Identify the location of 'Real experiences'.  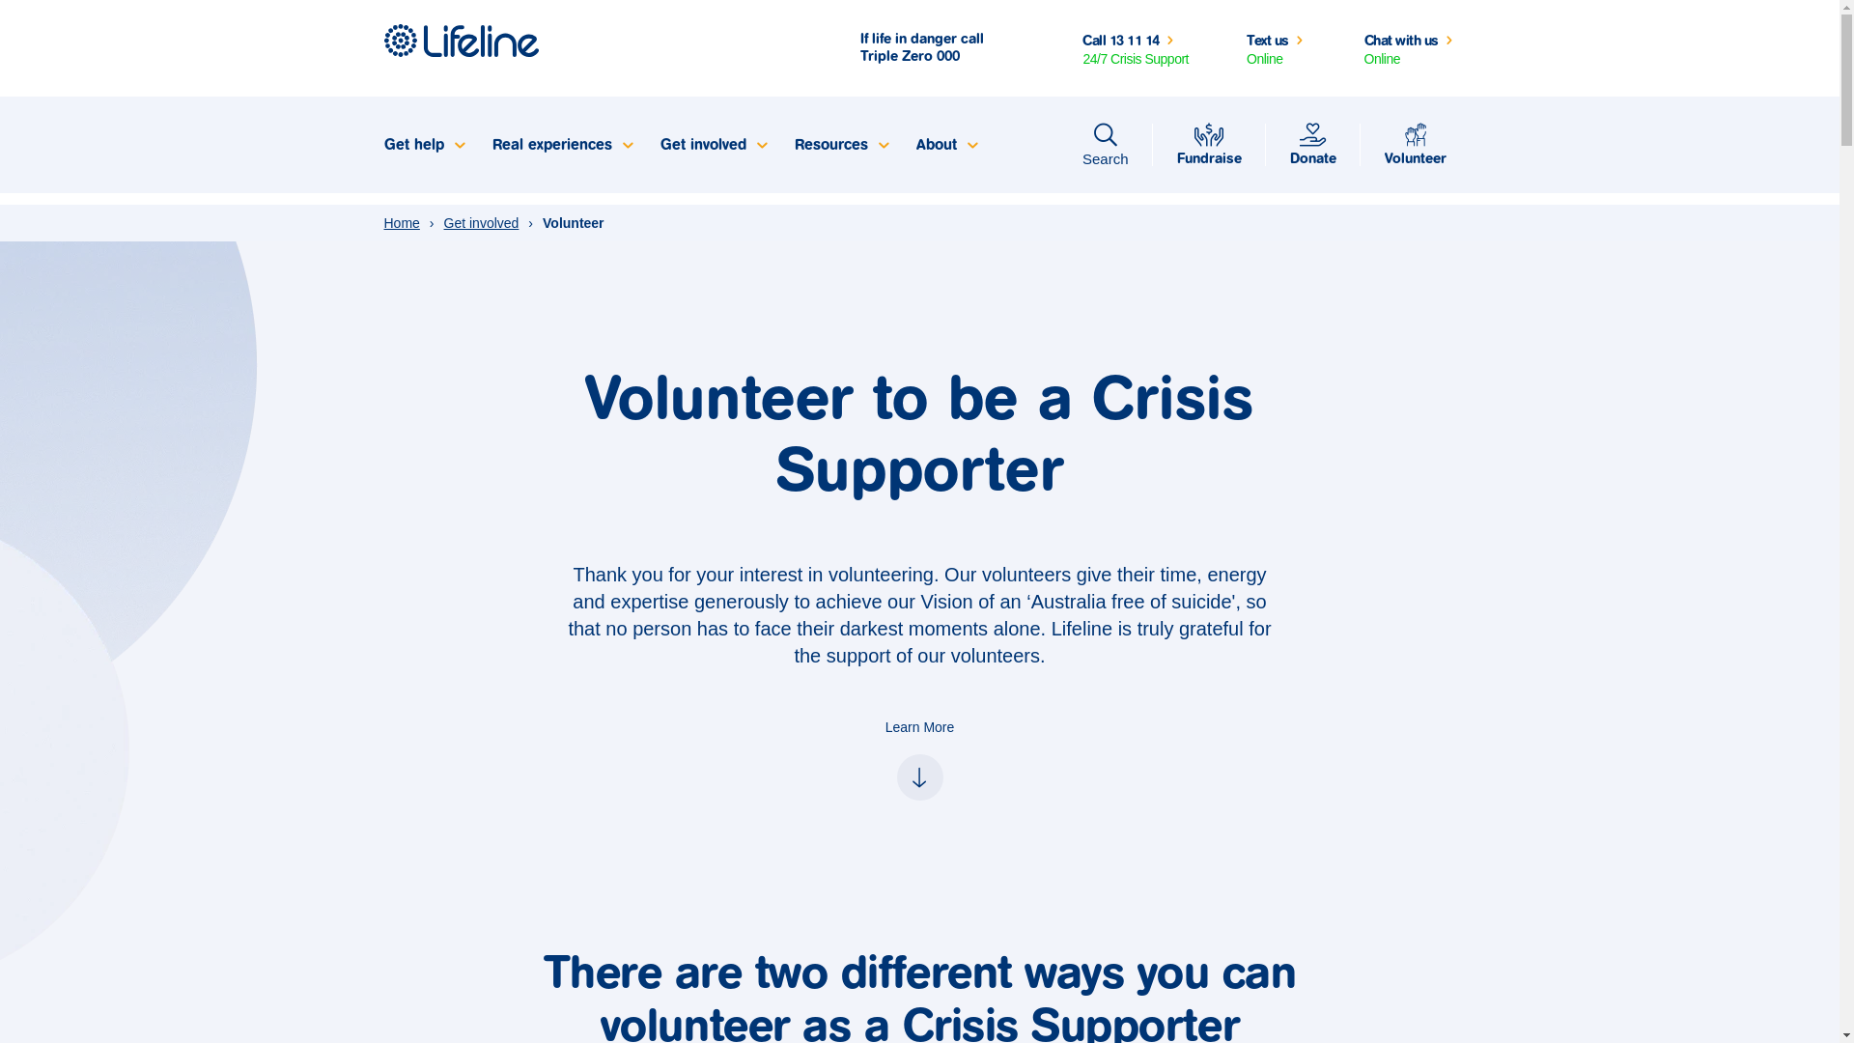
(559, 144).